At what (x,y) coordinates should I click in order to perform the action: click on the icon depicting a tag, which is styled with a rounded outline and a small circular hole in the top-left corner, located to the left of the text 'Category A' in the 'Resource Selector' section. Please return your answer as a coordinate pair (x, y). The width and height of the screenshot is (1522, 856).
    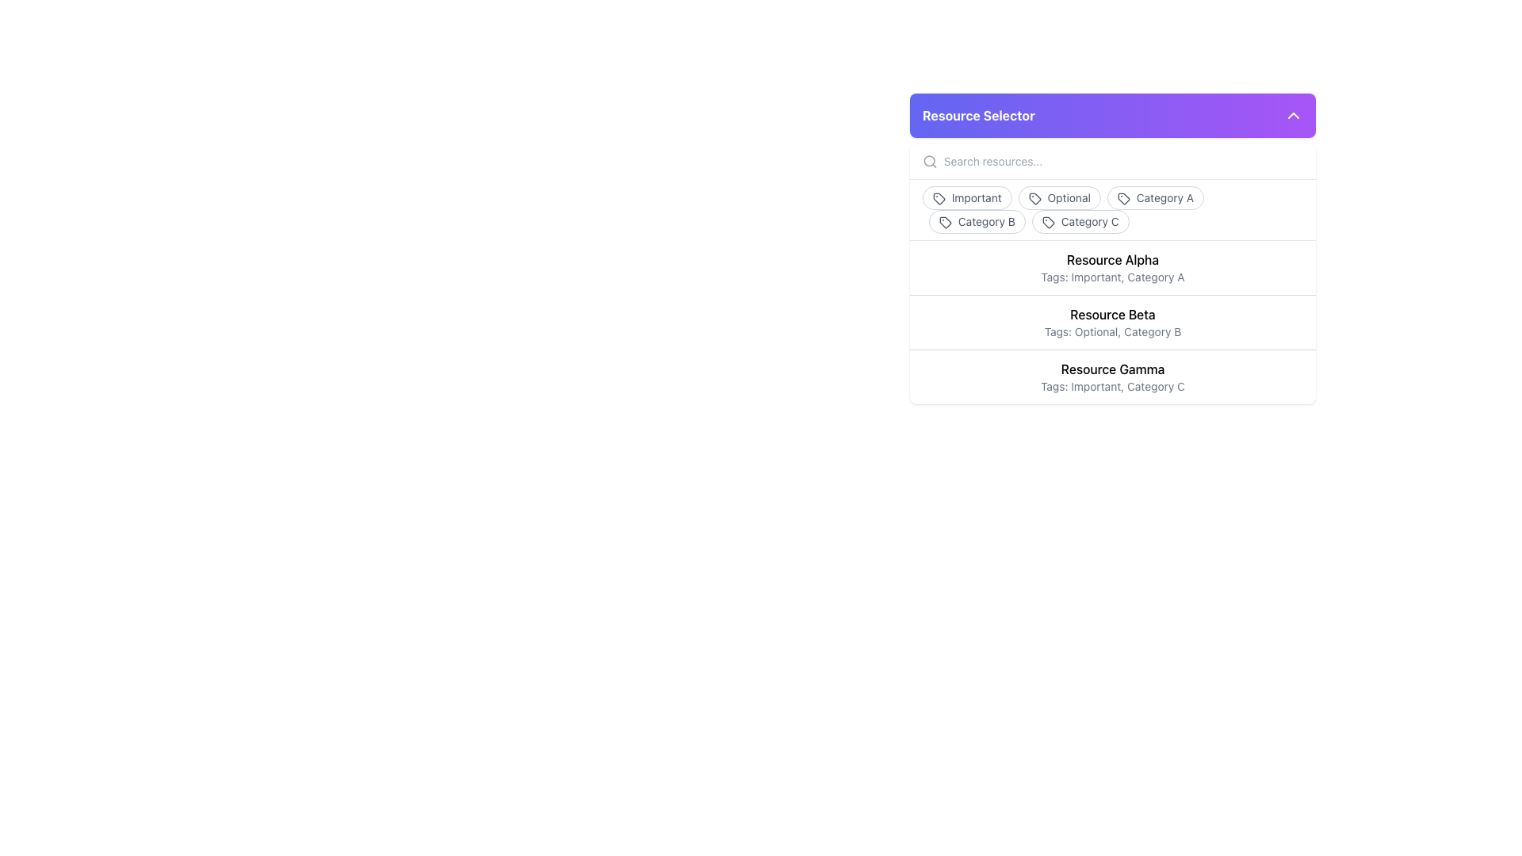
    Looking at the image, I should click on (1122, 198).